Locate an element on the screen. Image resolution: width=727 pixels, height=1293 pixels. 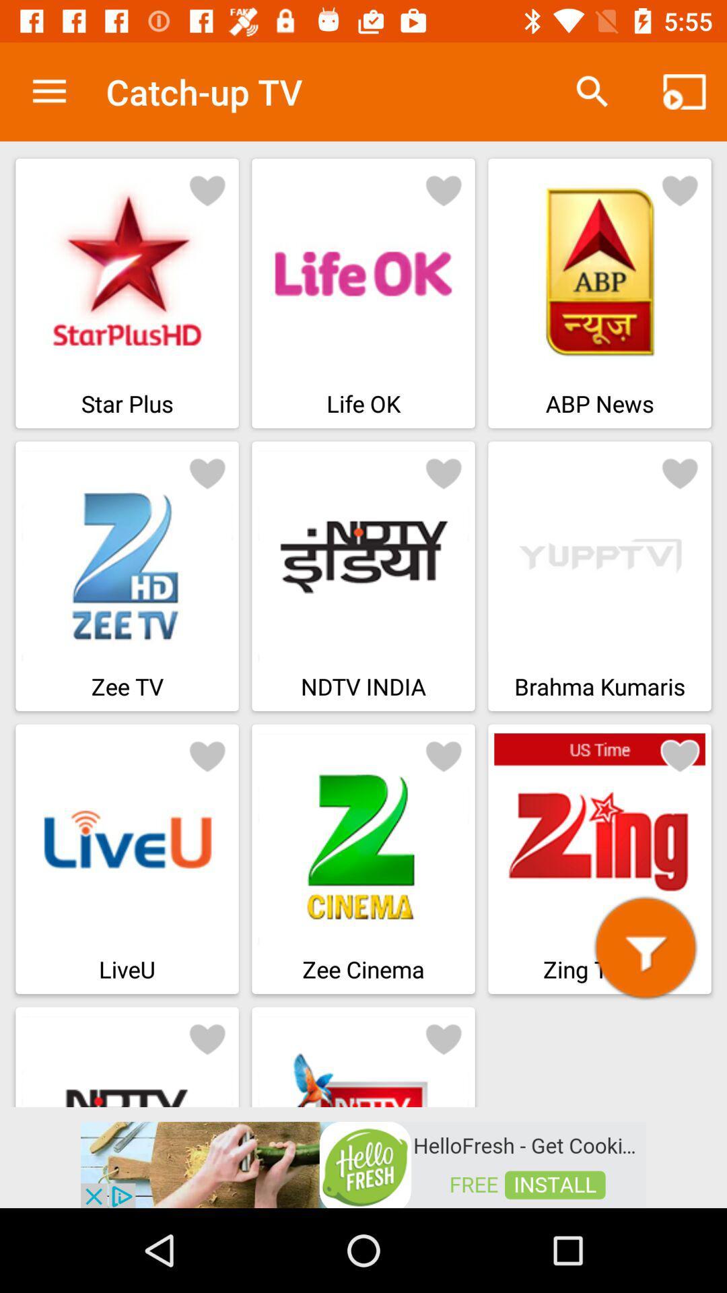
favorite starplus app is located at coordinates (207, 189).